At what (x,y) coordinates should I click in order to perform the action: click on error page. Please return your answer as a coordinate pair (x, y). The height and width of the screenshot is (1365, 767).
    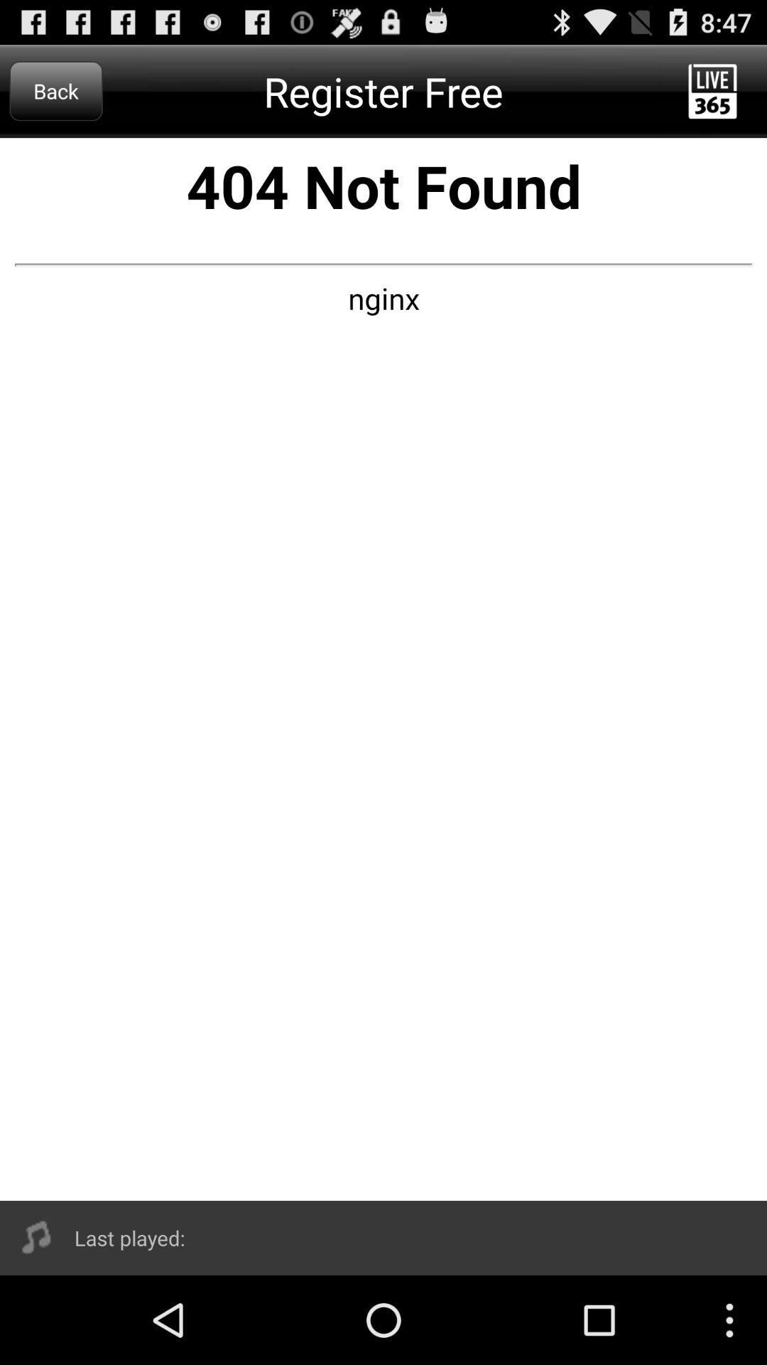
    Looking at the image, I should click on (383, 668).